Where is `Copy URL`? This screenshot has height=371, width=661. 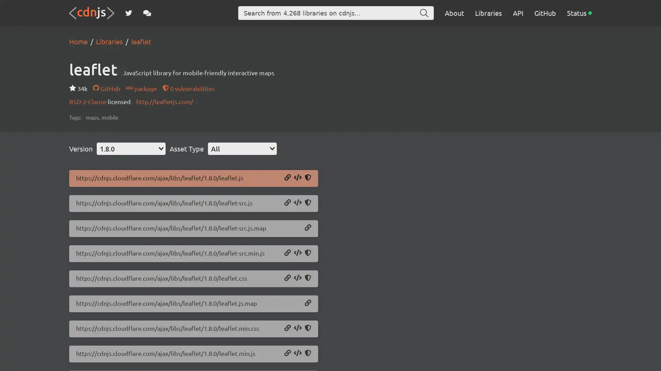
Copy URL is located at coordinates (287, 328).